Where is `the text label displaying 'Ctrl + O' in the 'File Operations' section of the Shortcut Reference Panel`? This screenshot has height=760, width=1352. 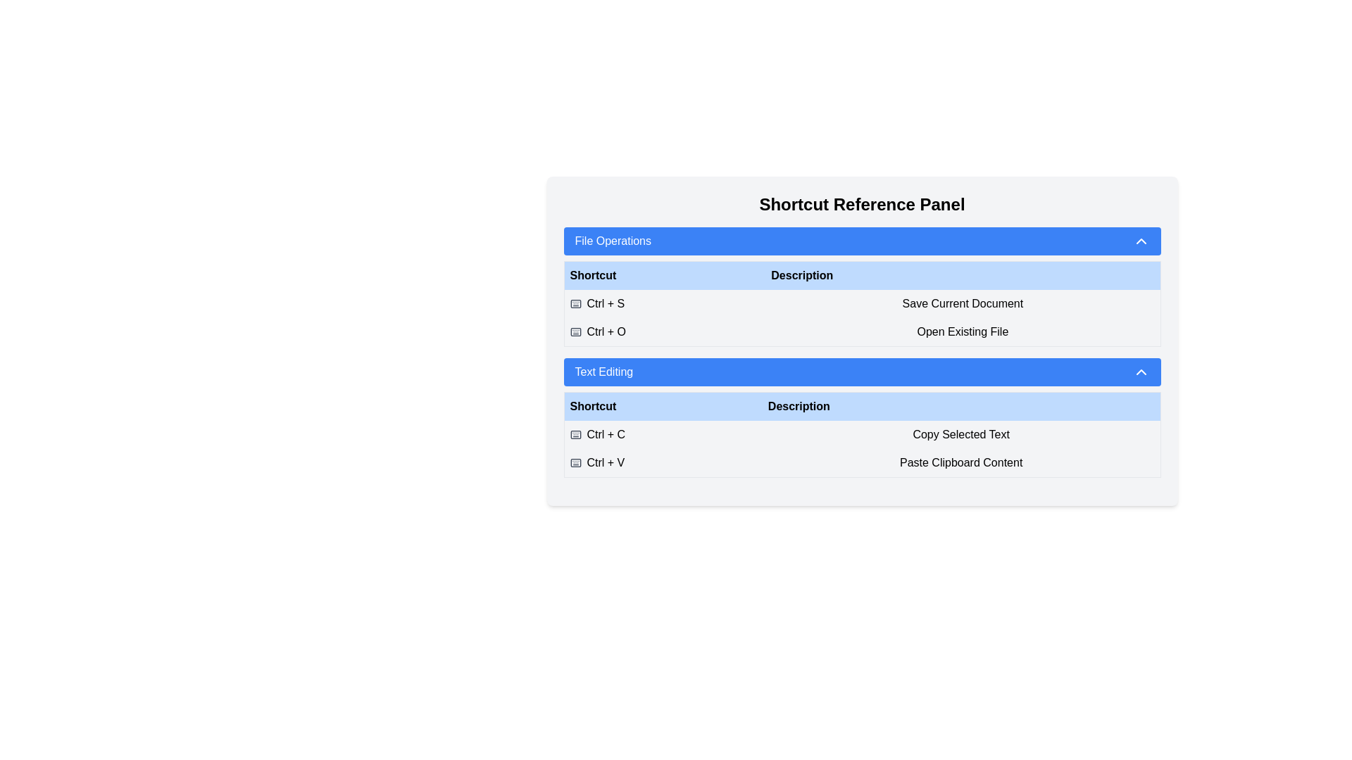 the text label displaying 'Ctrl + O' in the 'File Operations' section of the Shortcut Reference Panel is located at coordinates (606, 331).